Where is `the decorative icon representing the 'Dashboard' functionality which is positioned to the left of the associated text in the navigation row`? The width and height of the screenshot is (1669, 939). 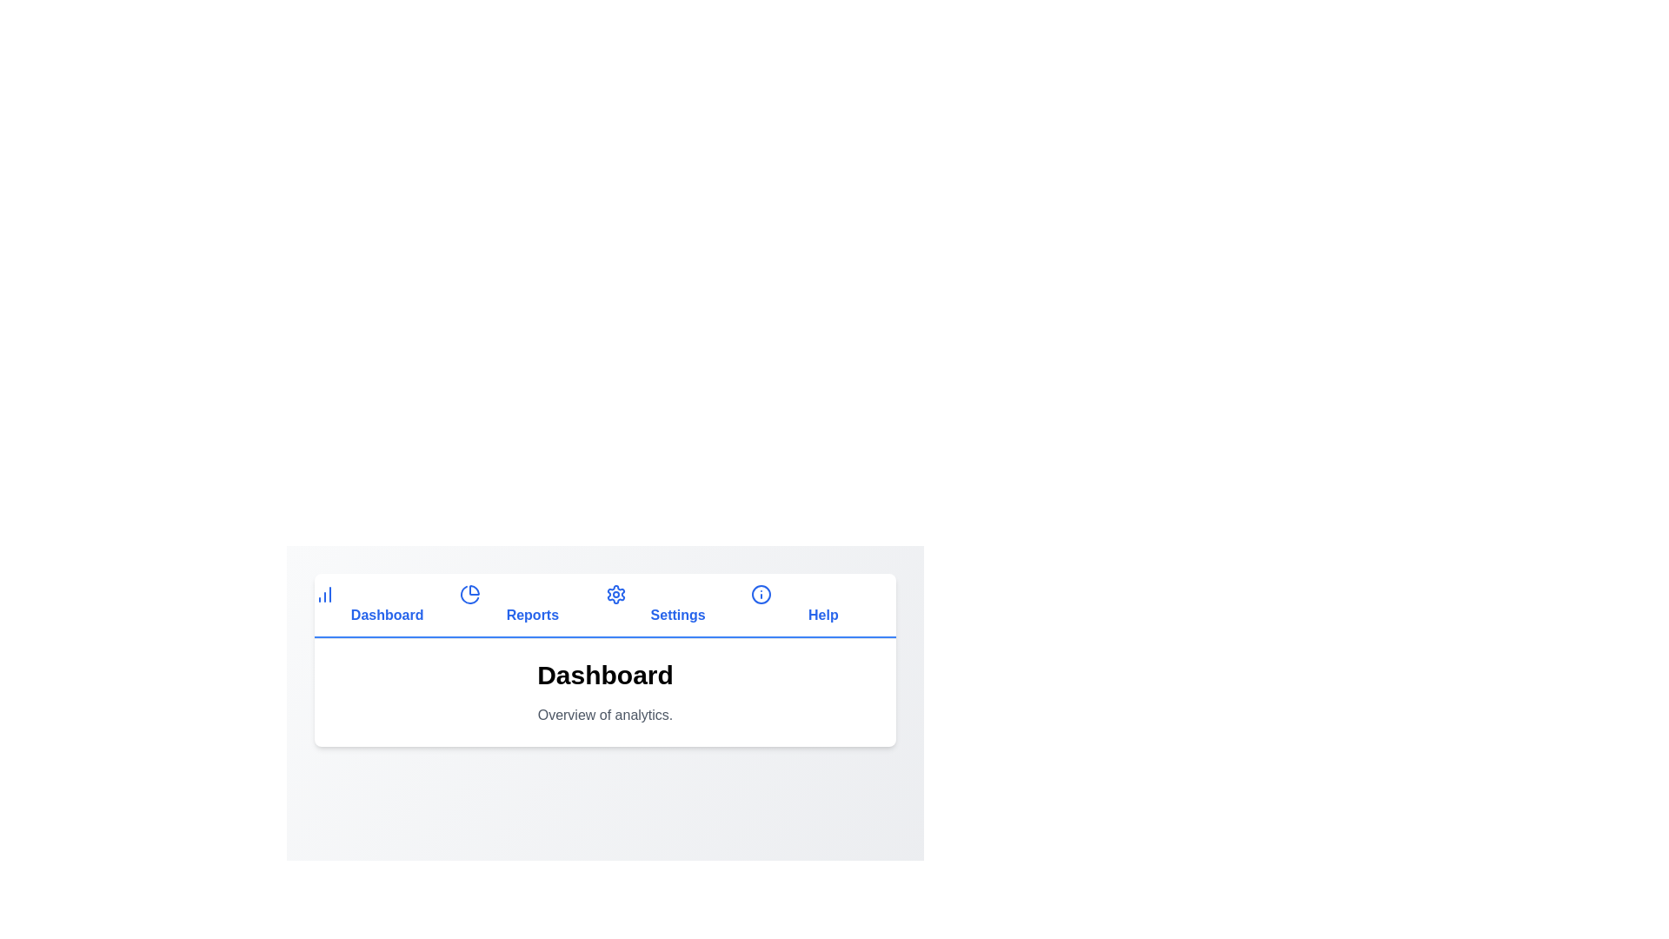
the decorative icon representing the 'Dashboard' functionality which is positioned to the left of the associated text in the navigation row is located at coordinates (325, 593).